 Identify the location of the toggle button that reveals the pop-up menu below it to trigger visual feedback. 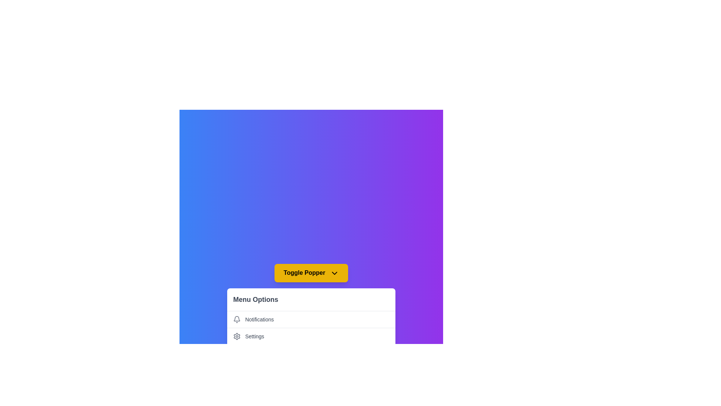
(311, 273).